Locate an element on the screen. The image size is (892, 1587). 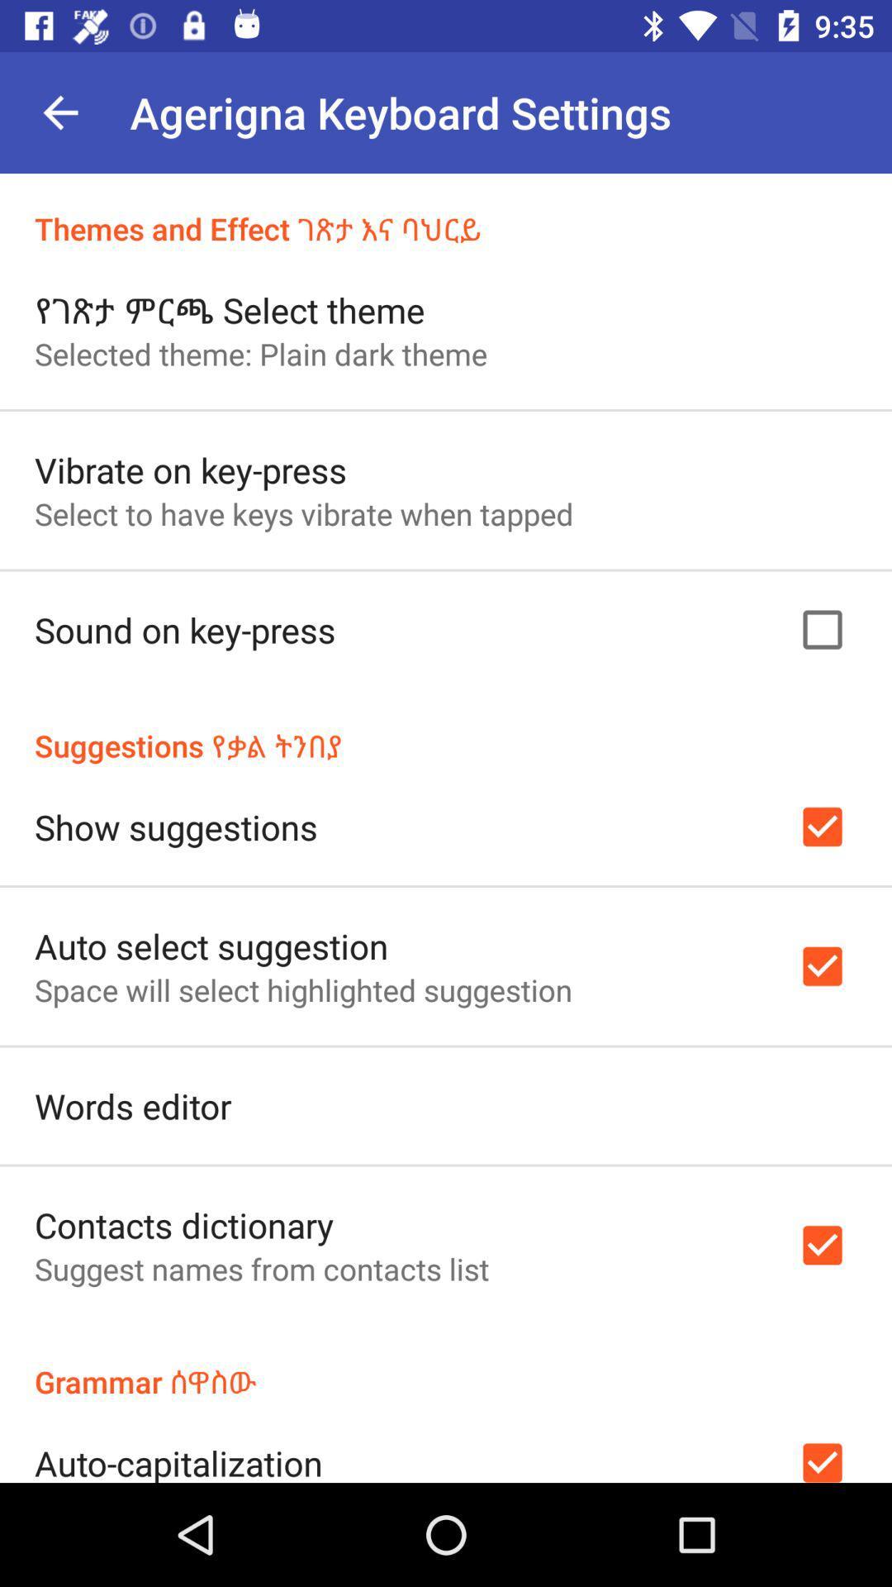
icon above the contacts dictionary item is located at coordinates (132, 1106).